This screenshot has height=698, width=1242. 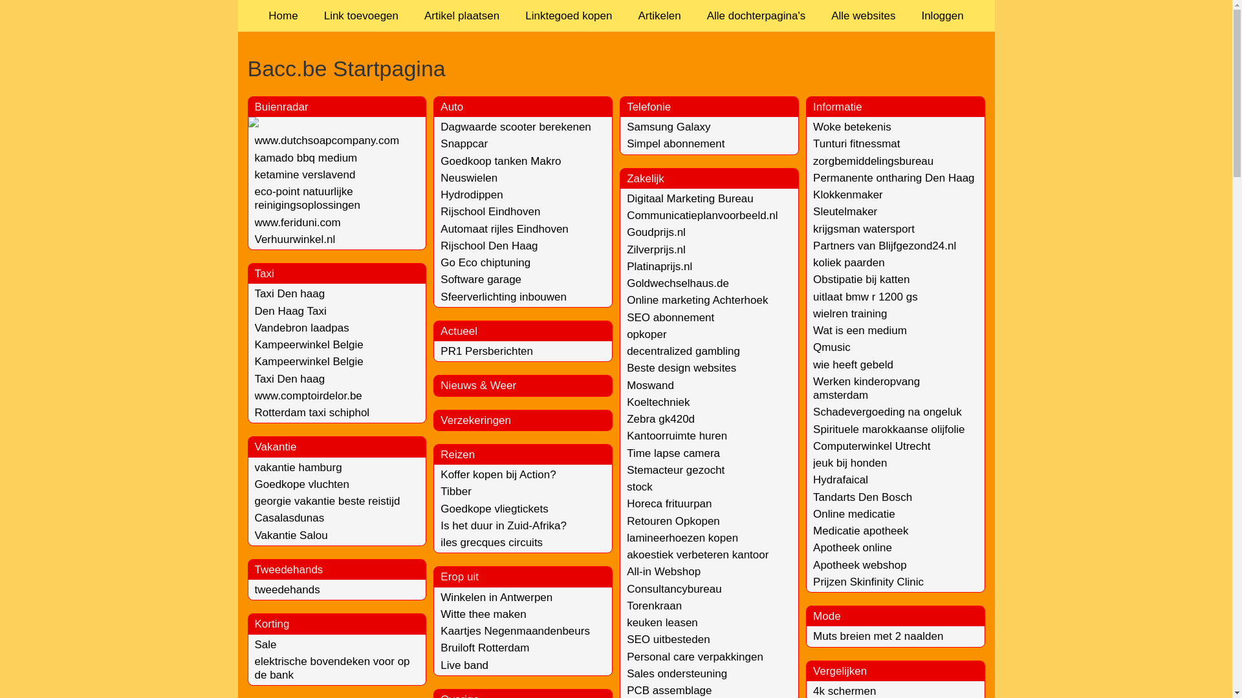 I want to click on 'Automaat rijles Eindhoven', so click(x=441, y=228).